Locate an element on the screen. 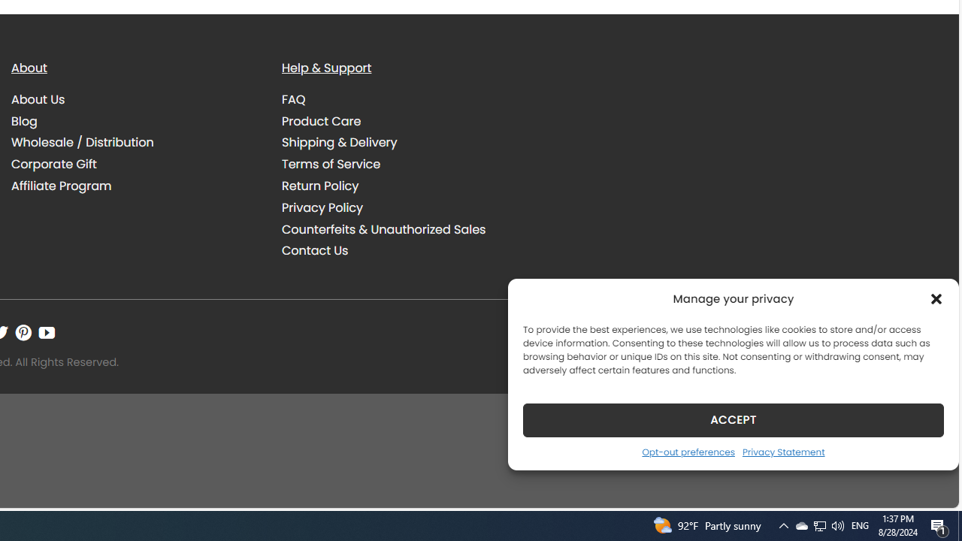  'Wholesale / Distribution' is located at coordinates (82, 143).